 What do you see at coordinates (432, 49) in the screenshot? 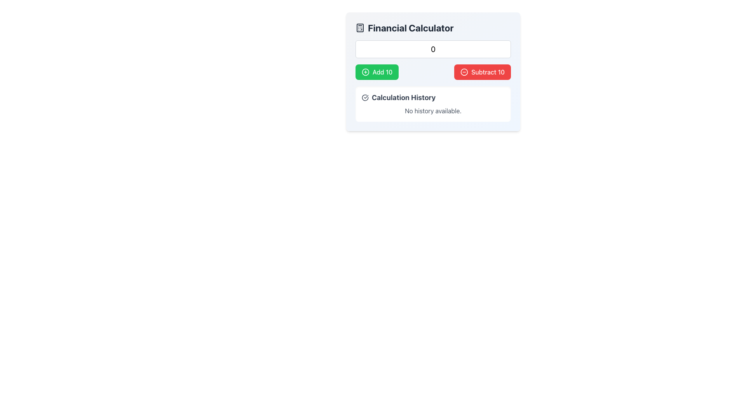
I see `the text input field displaying the numeral '0', which is centered below the 'Financial Calculator' heading and above the 'Add 10' and 'Subtract 10' buttons` at bounding box center [432, 49].